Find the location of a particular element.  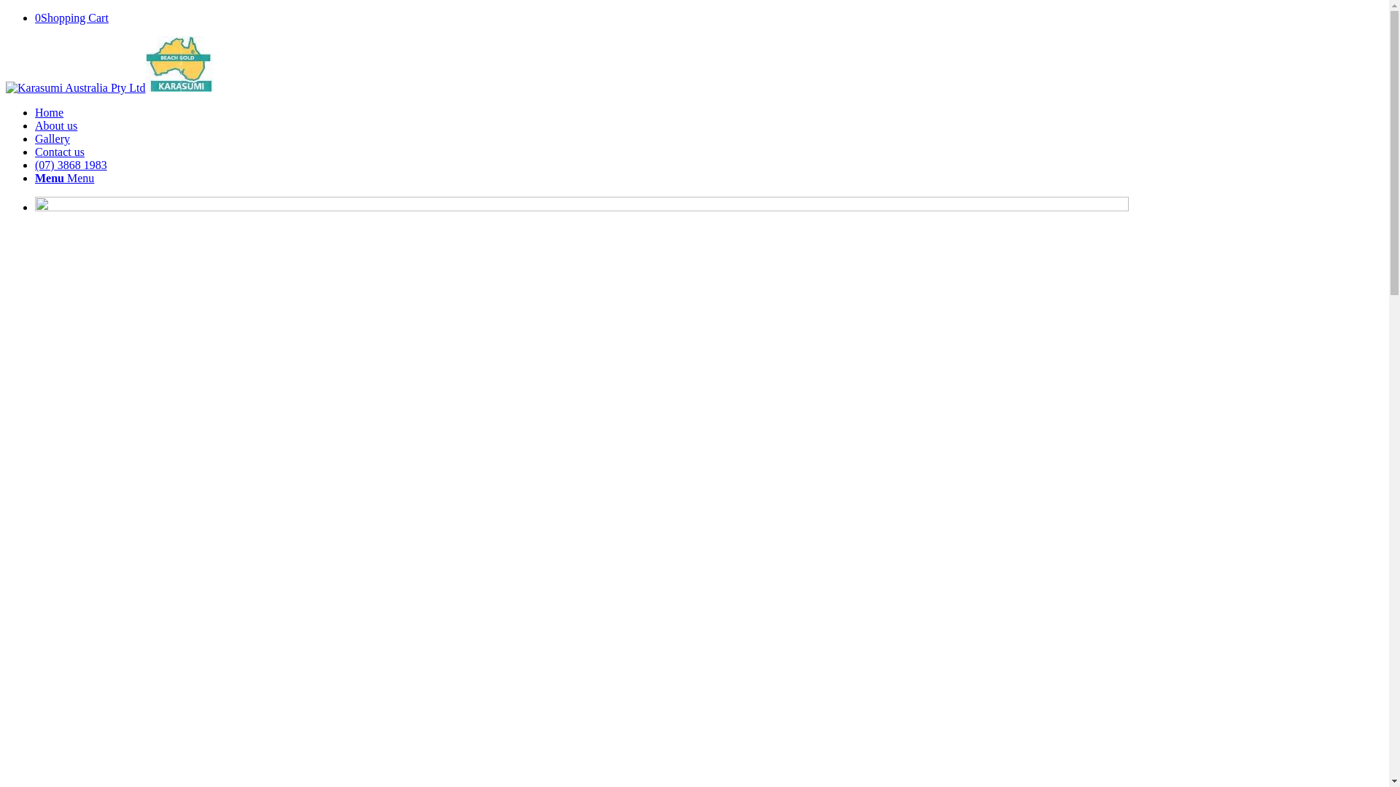

'Menu Menu' is located at coordinates (63, 177).